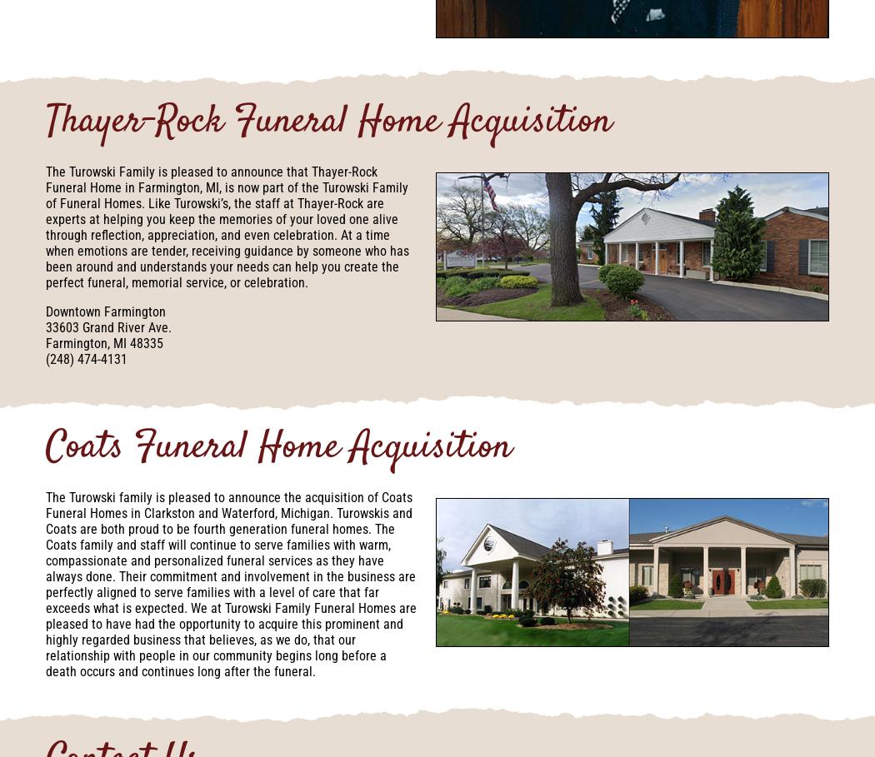  What do you see at coordinates (45, 358) in the screenshot?
I see `'(248) 474-4131'` at bounding box center [45, 358].